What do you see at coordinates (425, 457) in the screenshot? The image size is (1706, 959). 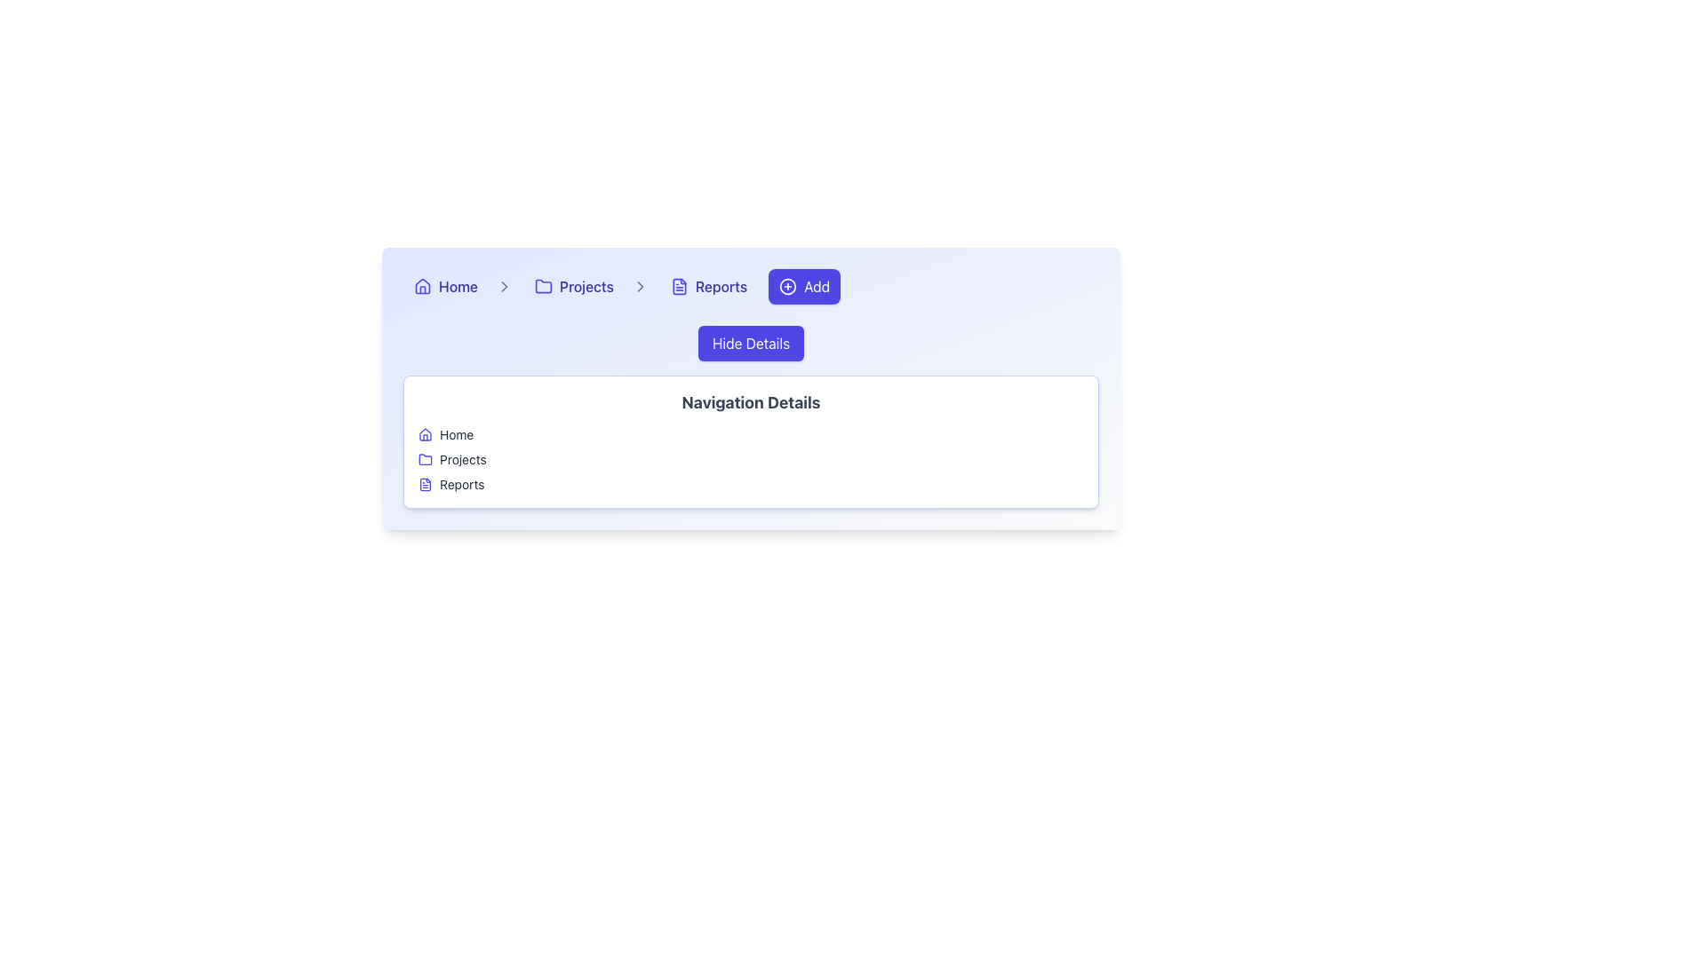 I see `the folder-shaped icon in the navigation bar that indicates the 'Projects' step, located between 'Home' and 'Reports'` at bounding box center [425, 457].